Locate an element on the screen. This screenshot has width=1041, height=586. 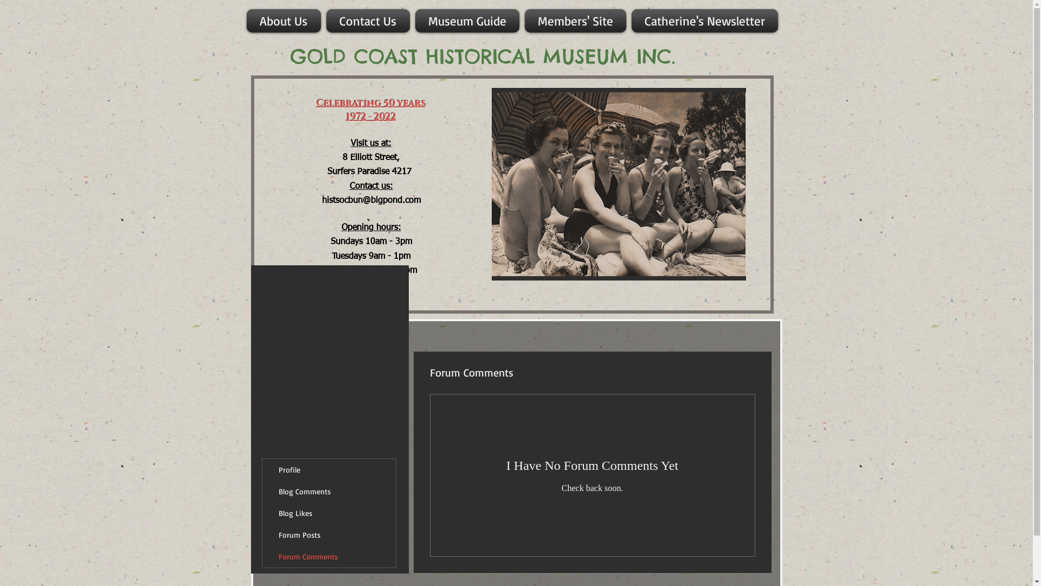
'Members' Site' is located at coordinates (521, 21).